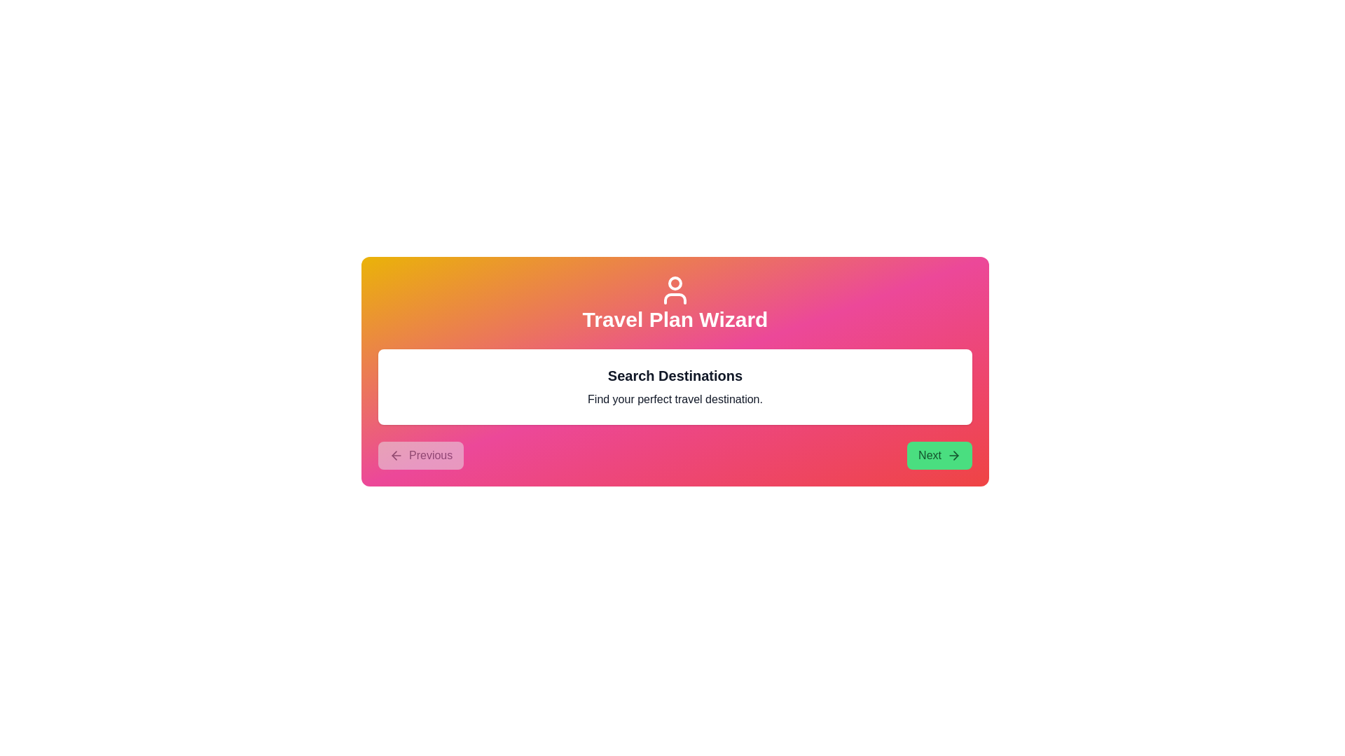  Describe the element at coordinates (675, 374) in the screenshot. I see `the Text Label that serves as a header for the section, located above the text 'Find your perfect travel destination.' and aligned below 'Travel Plan Wizard'` at that location.